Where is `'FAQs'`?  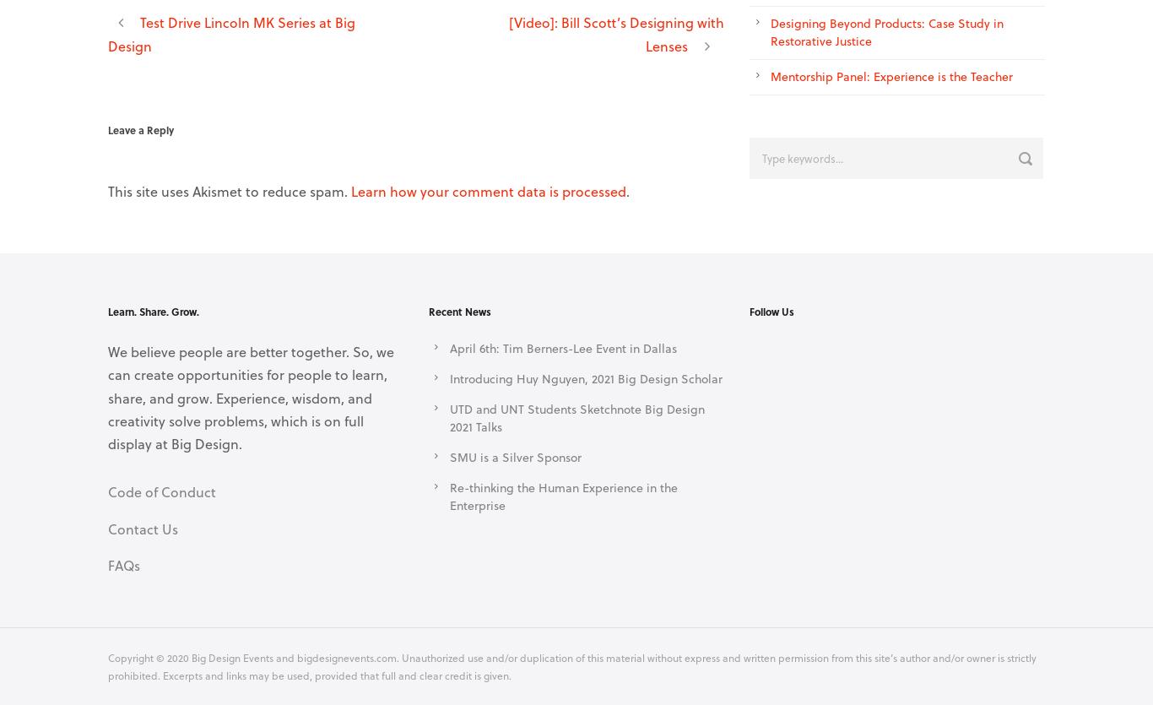
'FAQs' is located at coordinates (122, 565).